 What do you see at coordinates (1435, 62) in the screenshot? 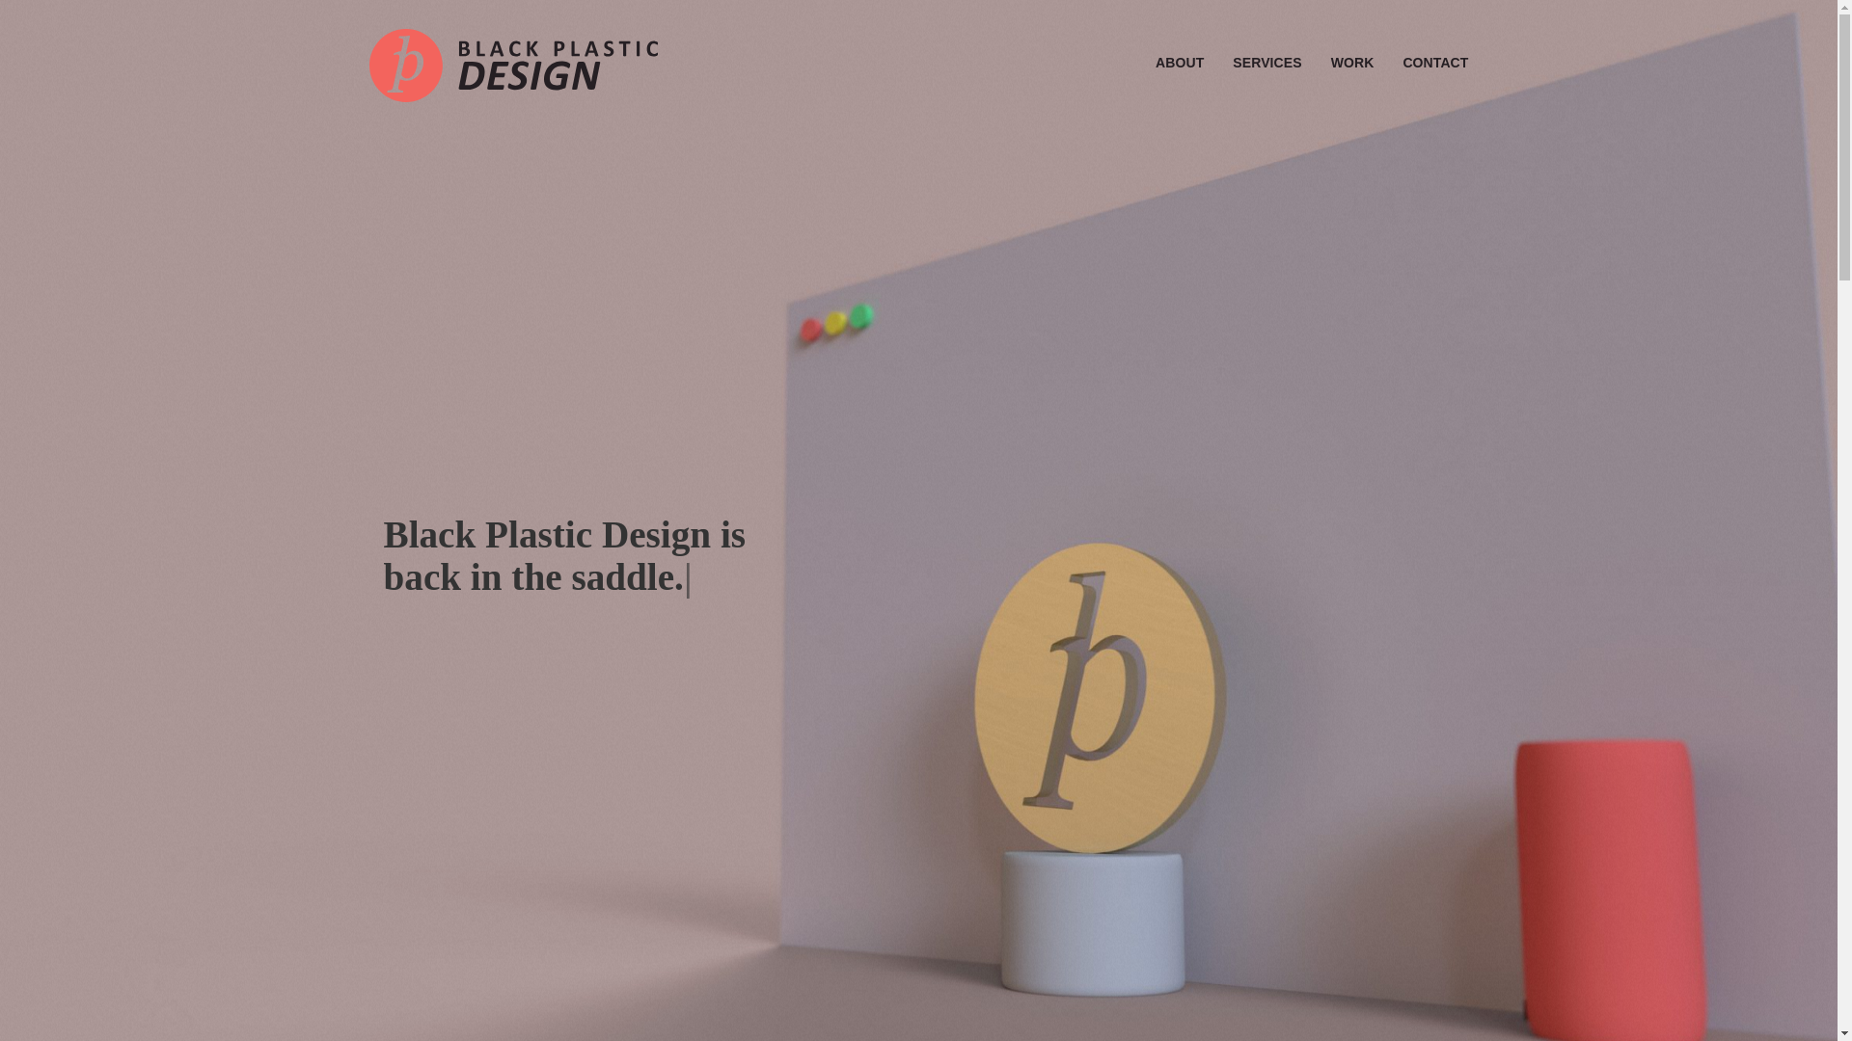
I see `'CONTACT'` at bounding box center [1435, 62].